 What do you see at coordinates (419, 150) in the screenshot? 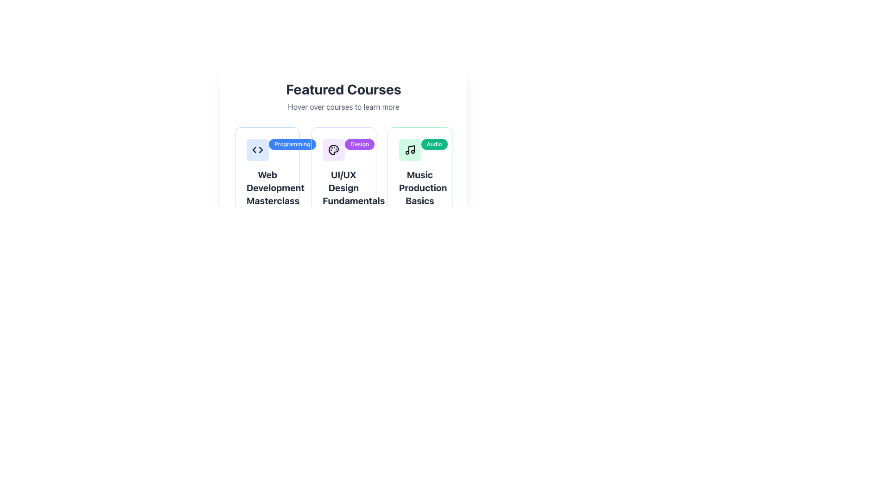
I see `the tagged label component with a musical note icon and the text 'Audio' on a light green background, located at the top-right corner of the 'Music Production Basics' course card` at bounding box center [419, 150].